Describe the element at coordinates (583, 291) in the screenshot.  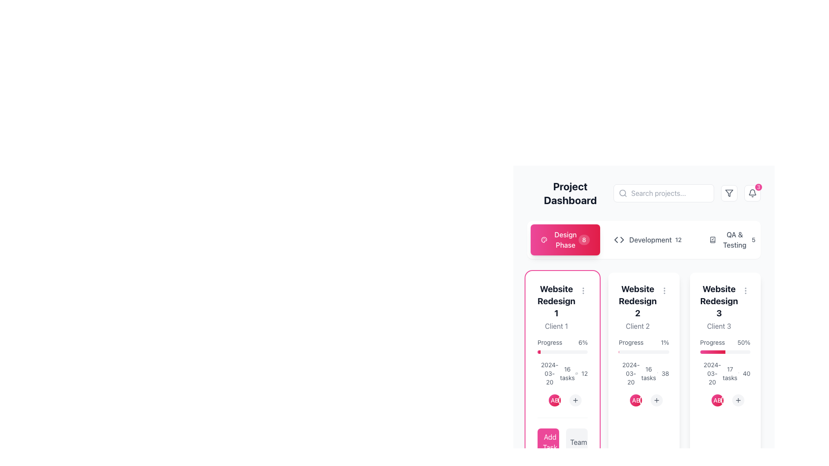
I see `the circular button with a vertical ellipsis icon located at the top right corner of the card labeled 'Website Redesign 1'` at that location.